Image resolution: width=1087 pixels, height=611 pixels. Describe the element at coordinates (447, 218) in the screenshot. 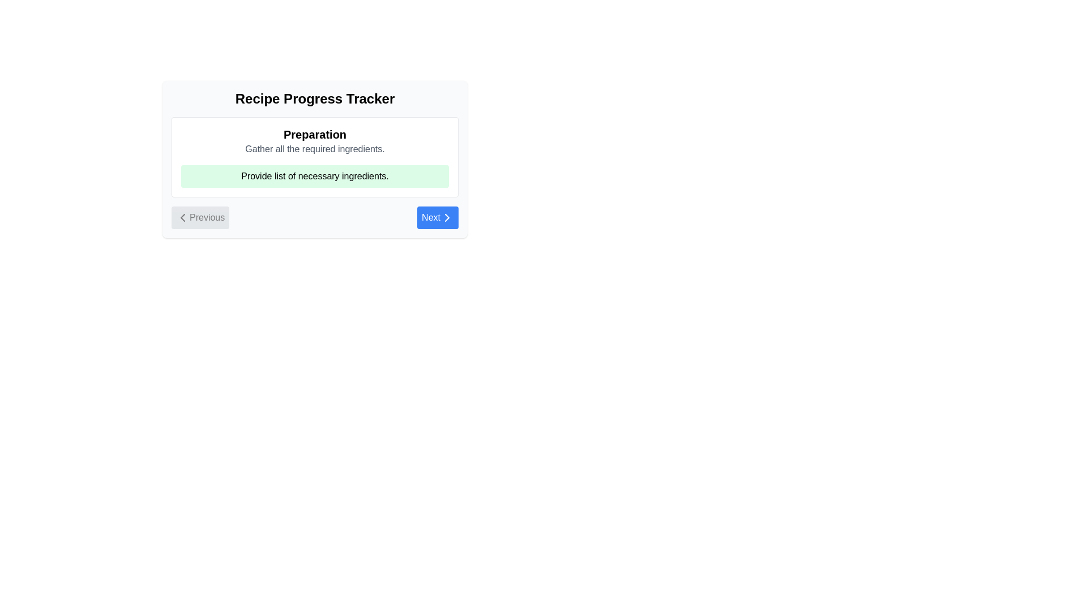

I see `the Chevron icon located inside the blue 'Next' button, positioned to the right of the text, indicating a navigational action to move forward` at that location.